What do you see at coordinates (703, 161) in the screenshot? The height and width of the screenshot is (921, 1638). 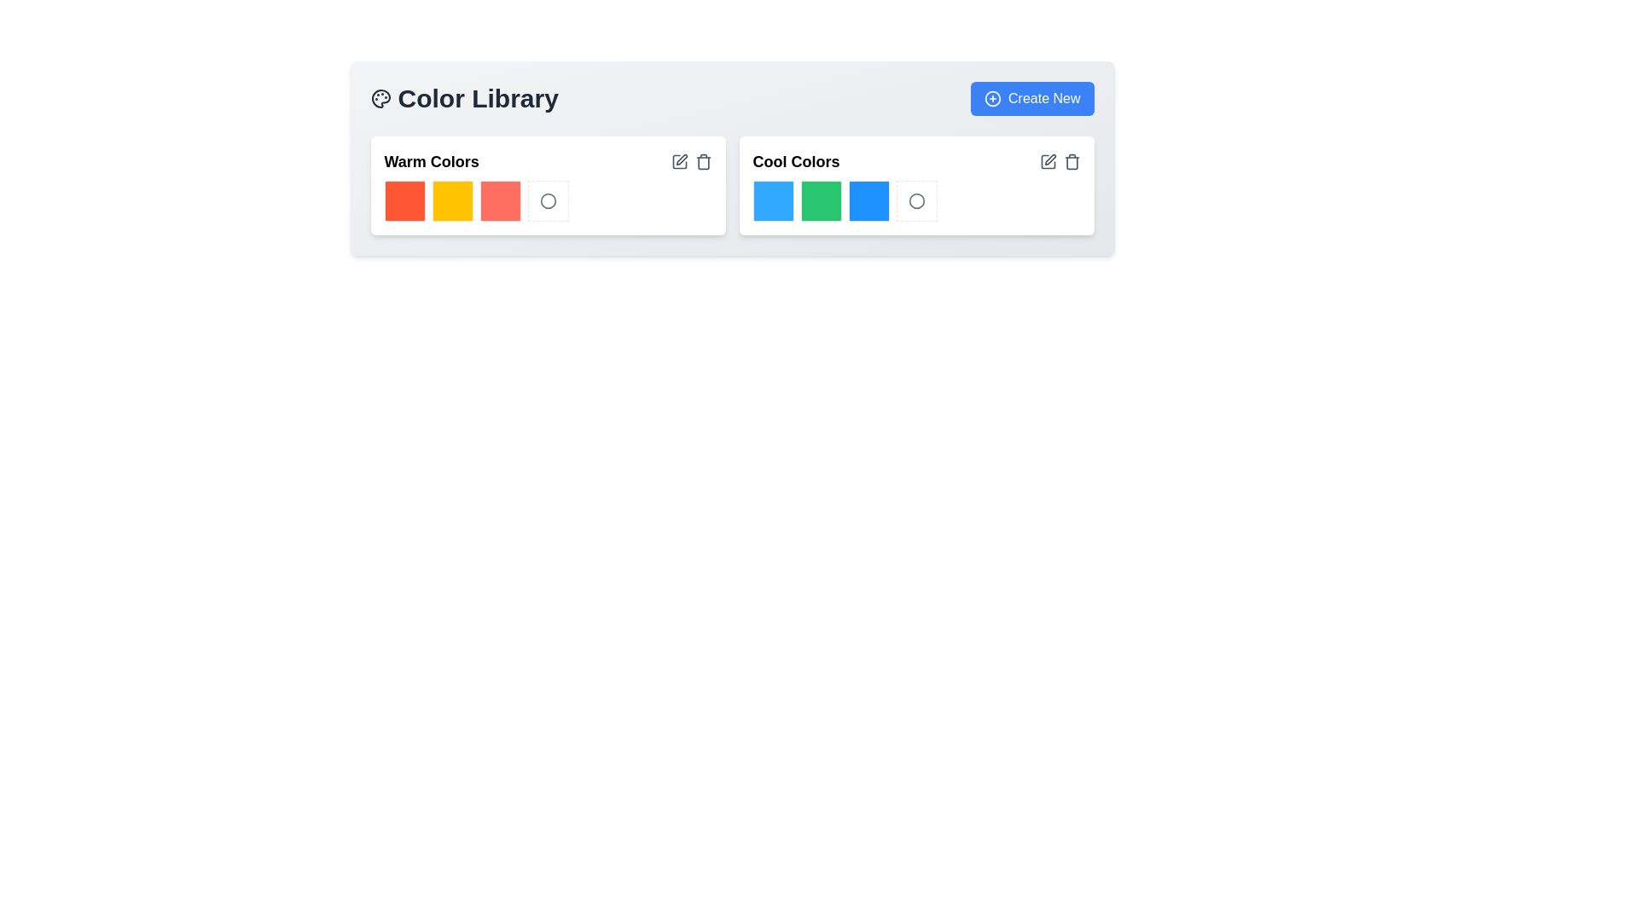 I see `the delete button icon located in the top-right corner of the 'Warm Colors' section` at bounding box center [703, 161].